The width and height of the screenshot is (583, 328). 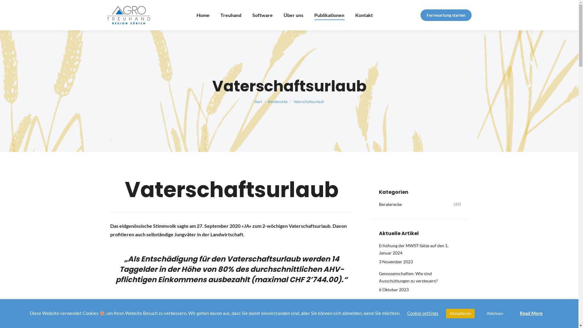 What do you see at coordinates (460, 313) in the screenshot?
I see `'Akzeptieren'` at bounding box center [460, 313].